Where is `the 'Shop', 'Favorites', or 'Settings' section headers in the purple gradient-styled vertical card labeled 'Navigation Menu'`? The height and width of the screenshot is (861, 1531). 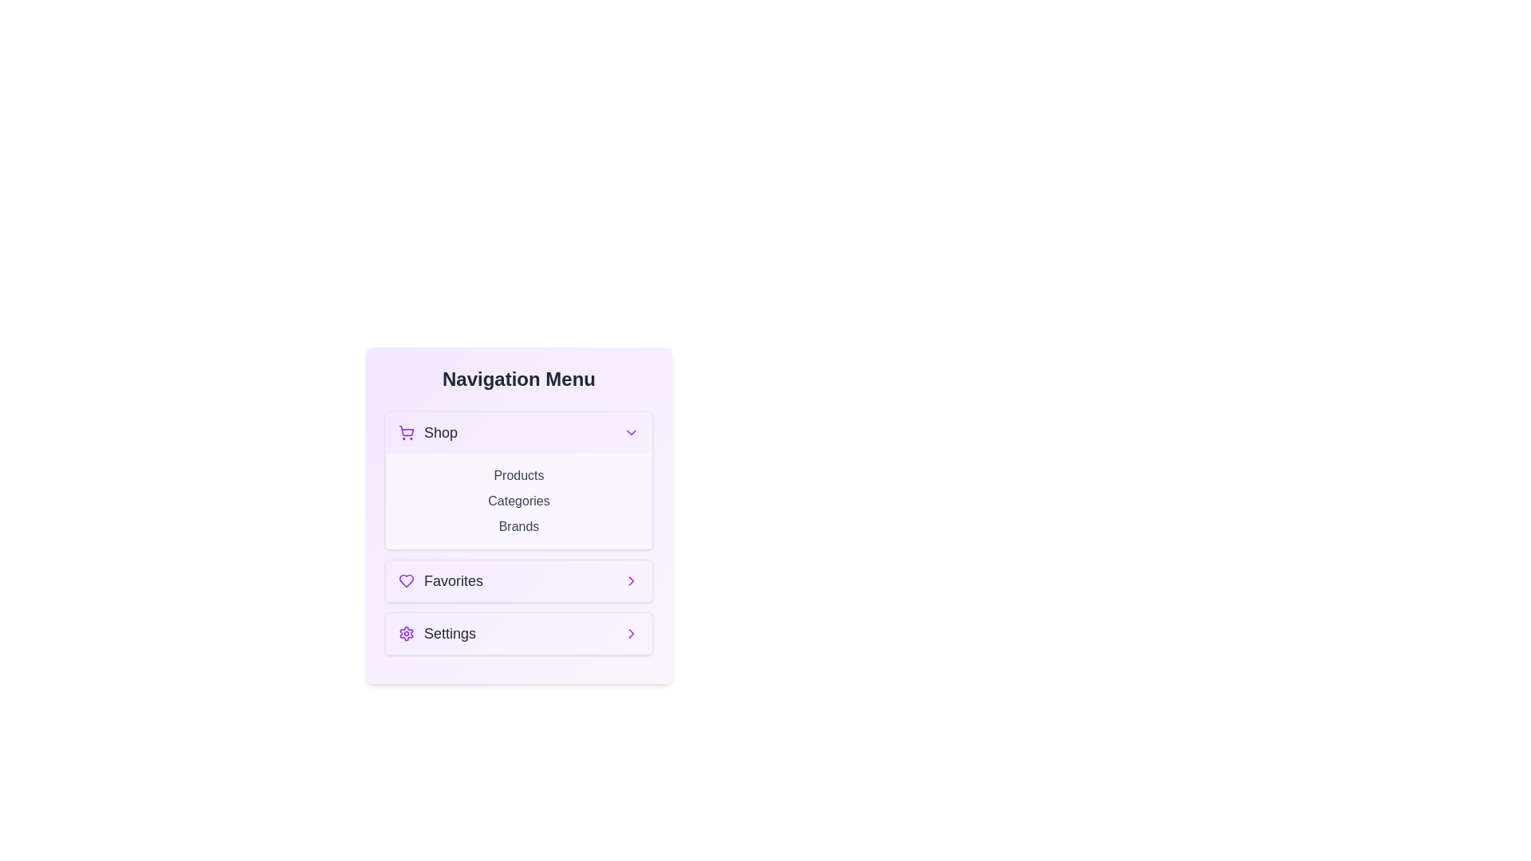 the 'Shop', 'Favorites', or 'Settings' section headers in the purple gradient-styled vertical card labeled 'Navigation Menu' is located at coordinates (519, 516).